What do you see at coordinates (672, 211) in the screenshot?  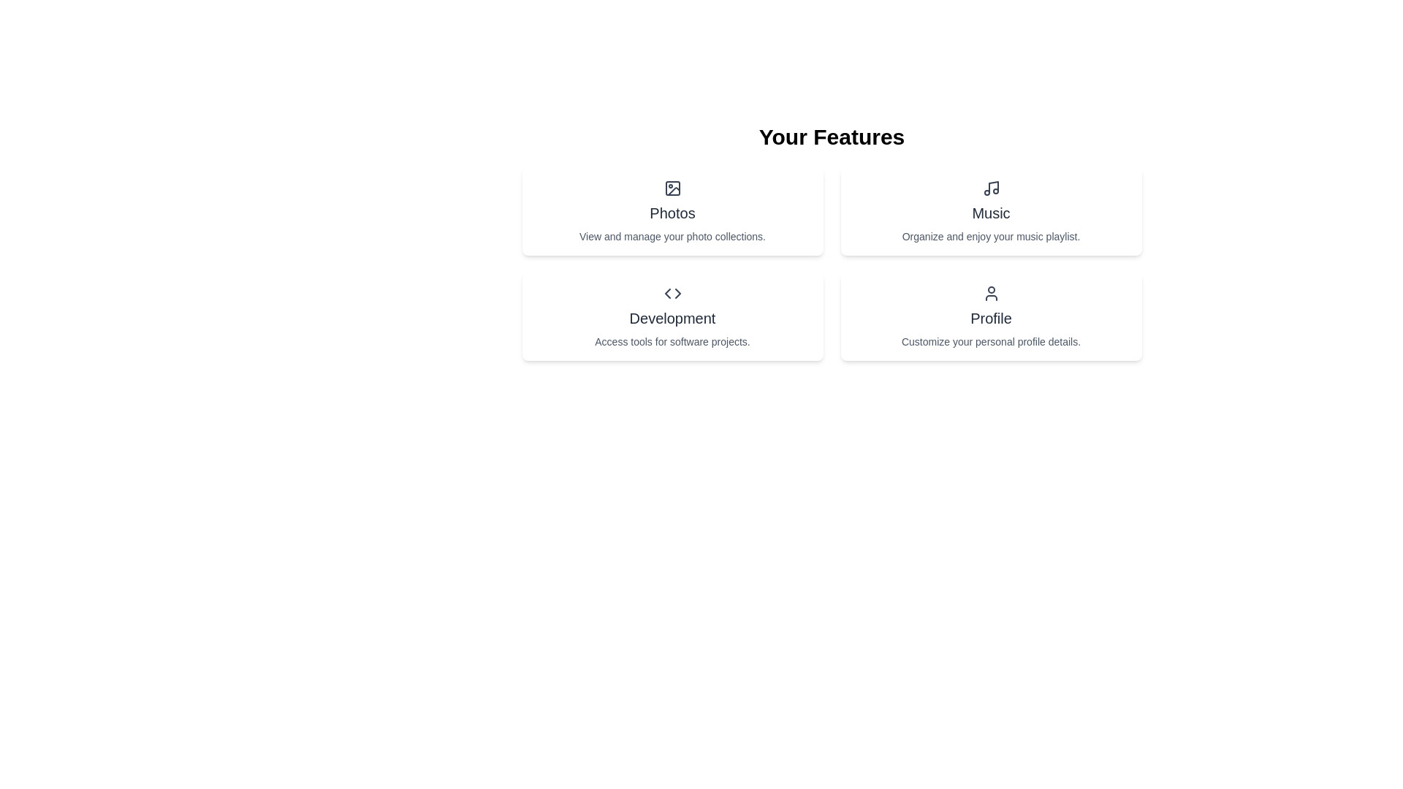 I see `the first card in the grid layout` at bounding box center [672, 211].